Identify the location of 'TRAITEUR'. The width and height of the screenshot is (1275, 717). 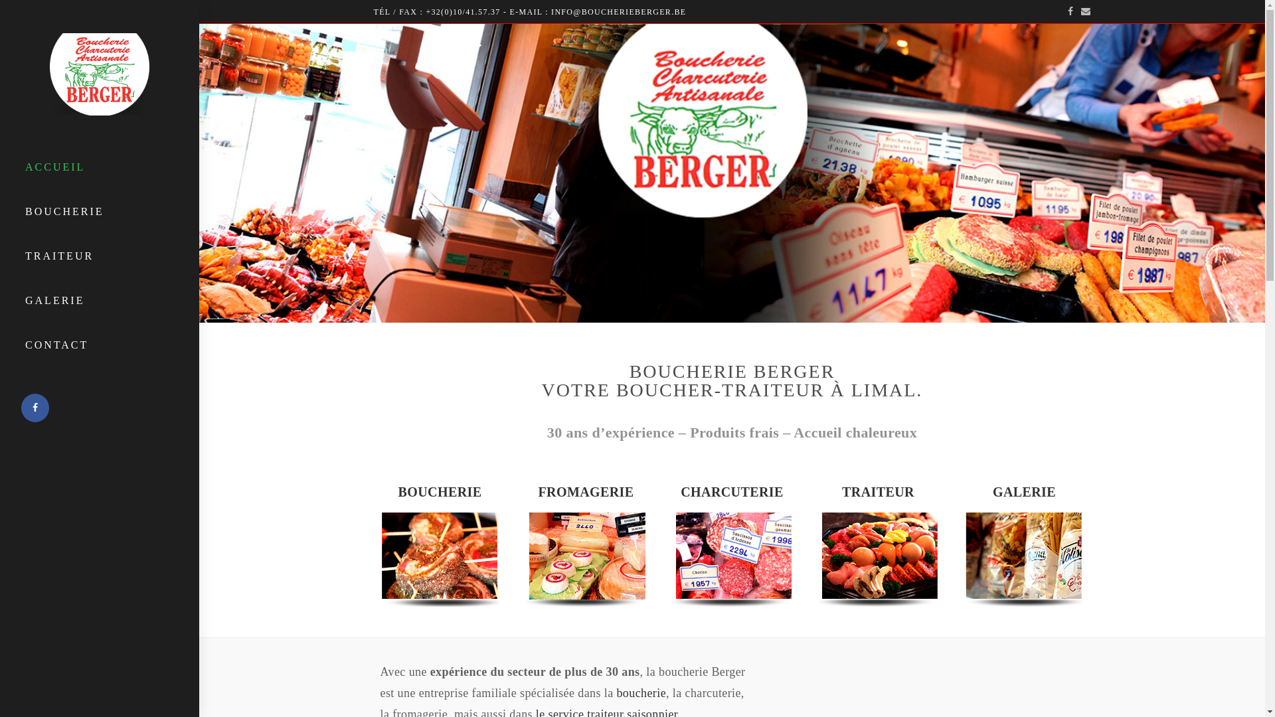
(878, 491).